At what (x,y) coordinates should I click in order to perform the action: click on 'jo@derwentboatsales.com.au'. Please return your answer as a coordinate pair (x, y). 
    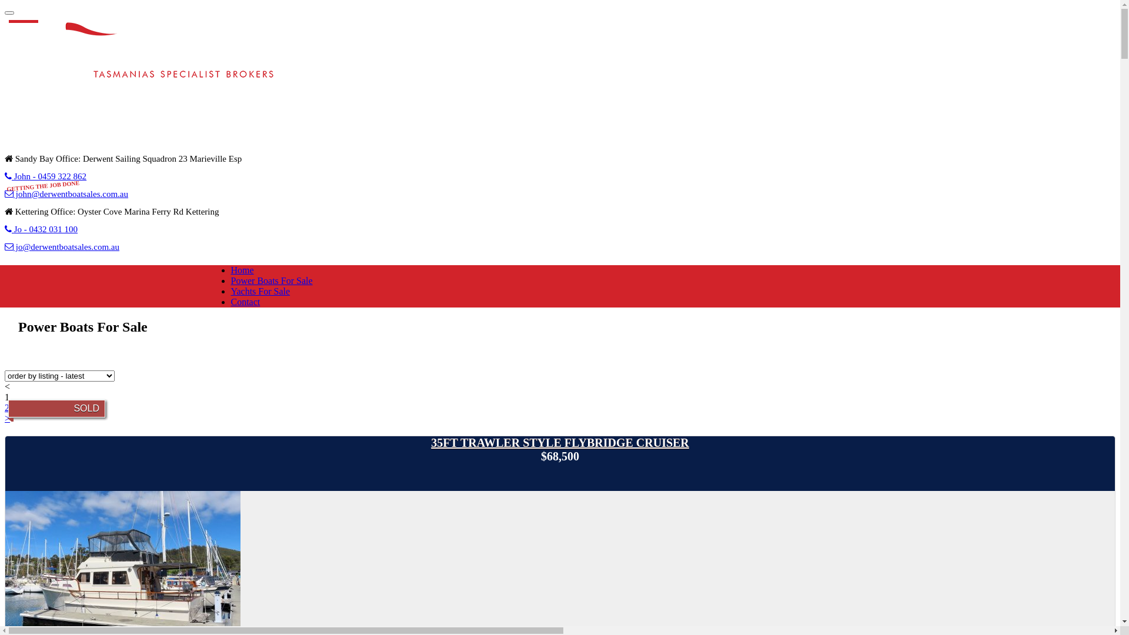
    Looking at the image, I should click on (61, 246).